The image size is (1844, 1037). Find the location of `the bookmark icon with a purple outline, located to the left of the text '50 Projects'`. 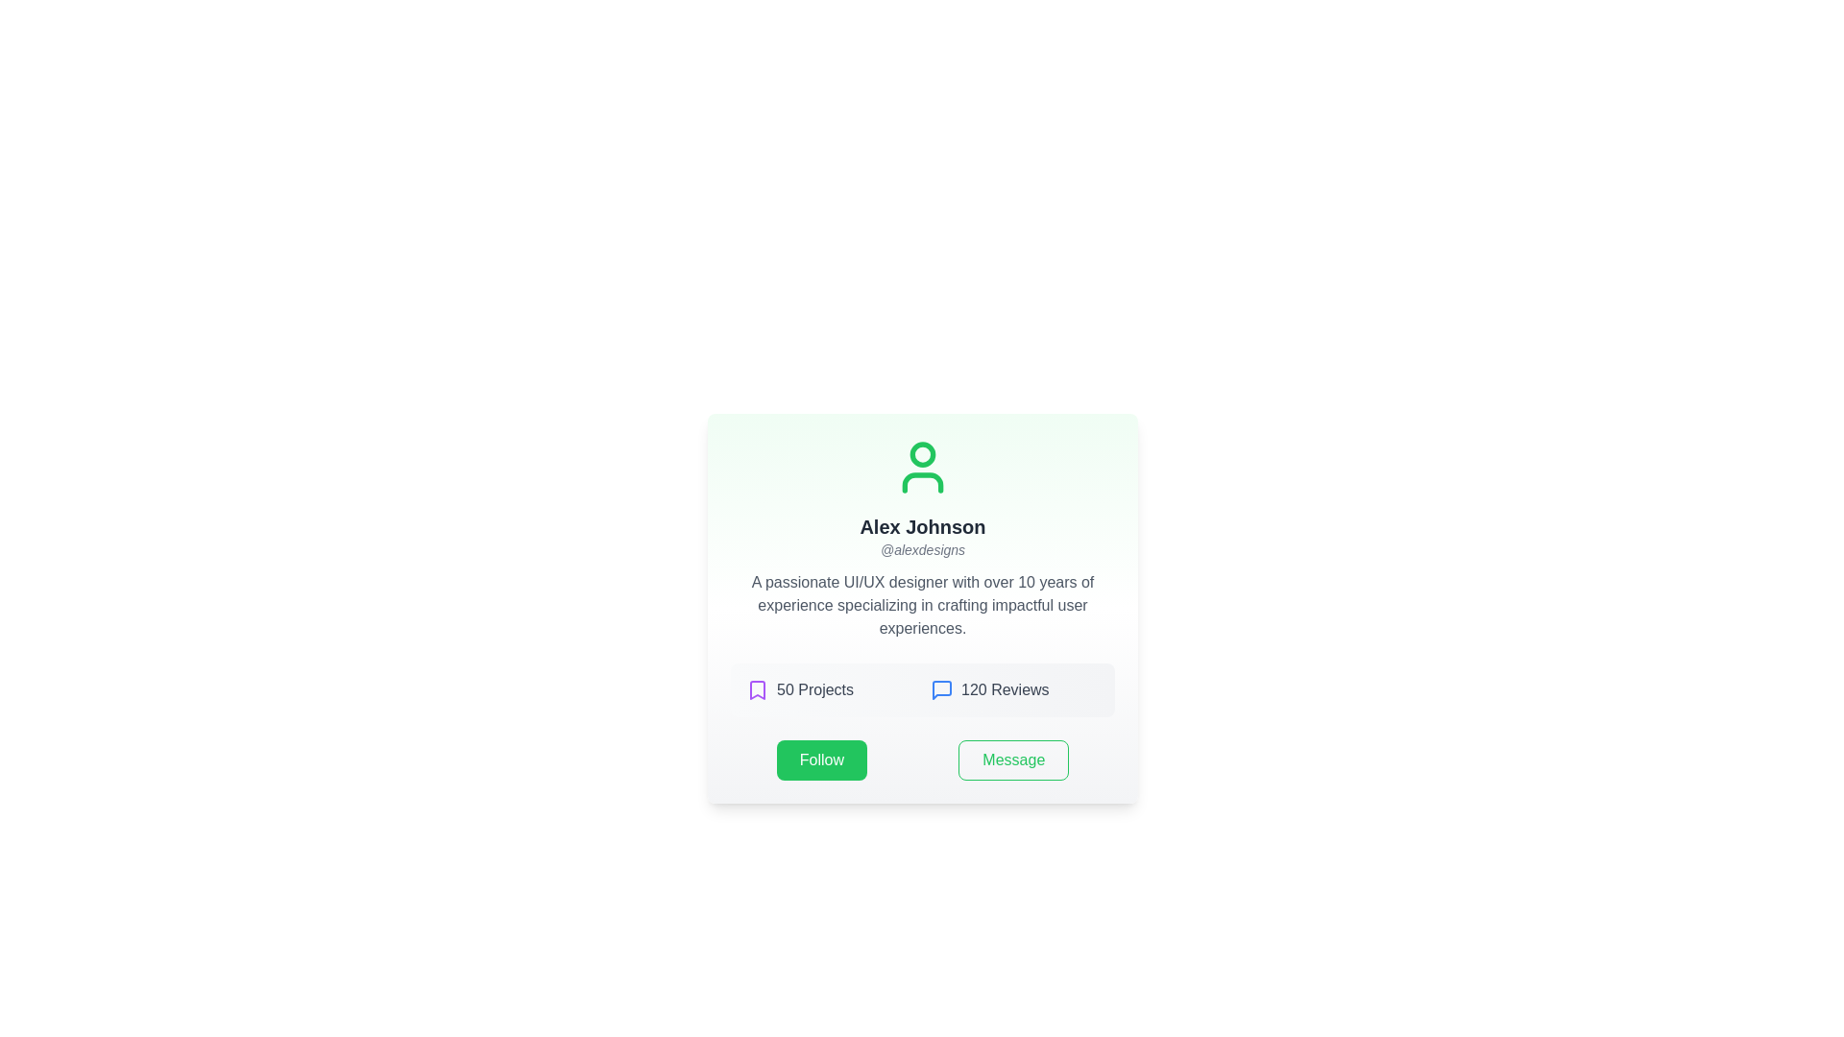

the bookmark icon with a purple outline, located to the left of the text '50 Projects' is located at coordinates (756, 688).